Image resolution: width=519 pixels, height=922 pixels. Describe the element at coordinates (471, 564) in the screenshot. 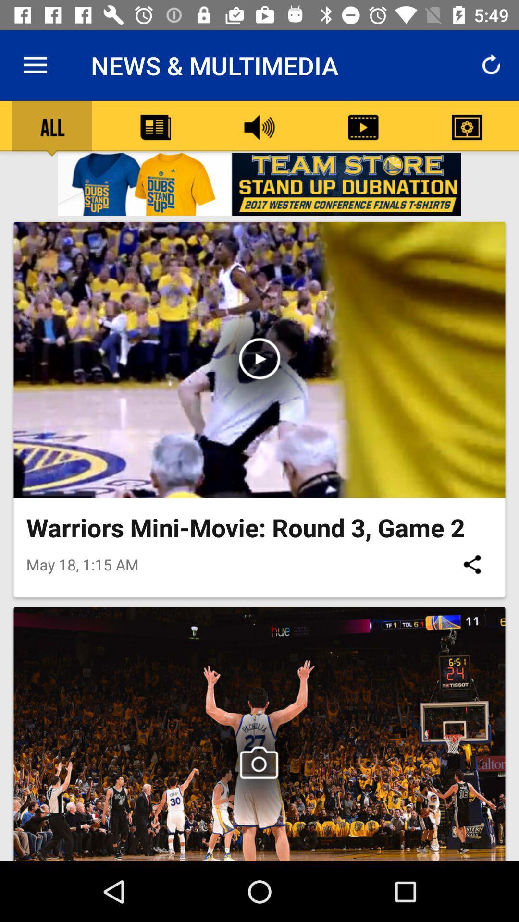

I see `the item on the right` at that location.